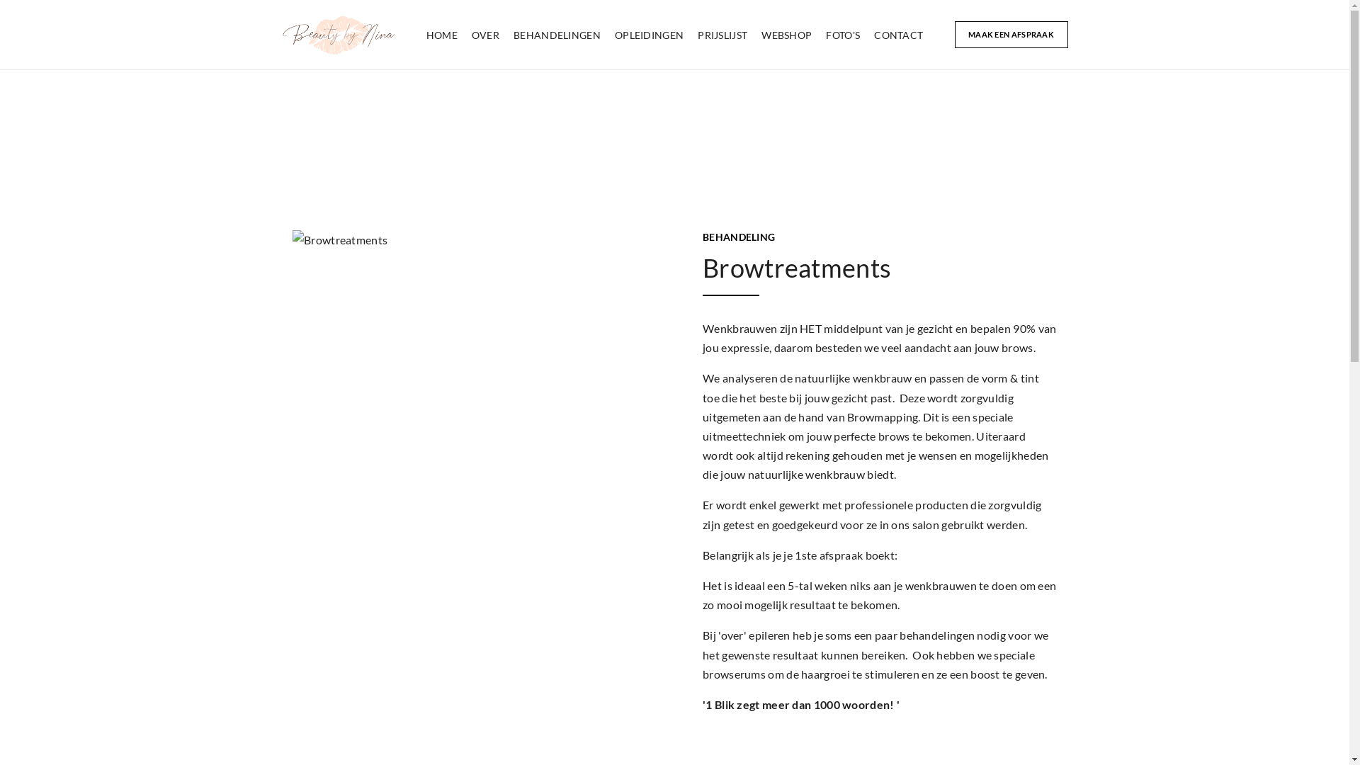 Image resolution: width=1360 pixels, height=765 pixels. I want to click on 'OVER', so click(485, 34).